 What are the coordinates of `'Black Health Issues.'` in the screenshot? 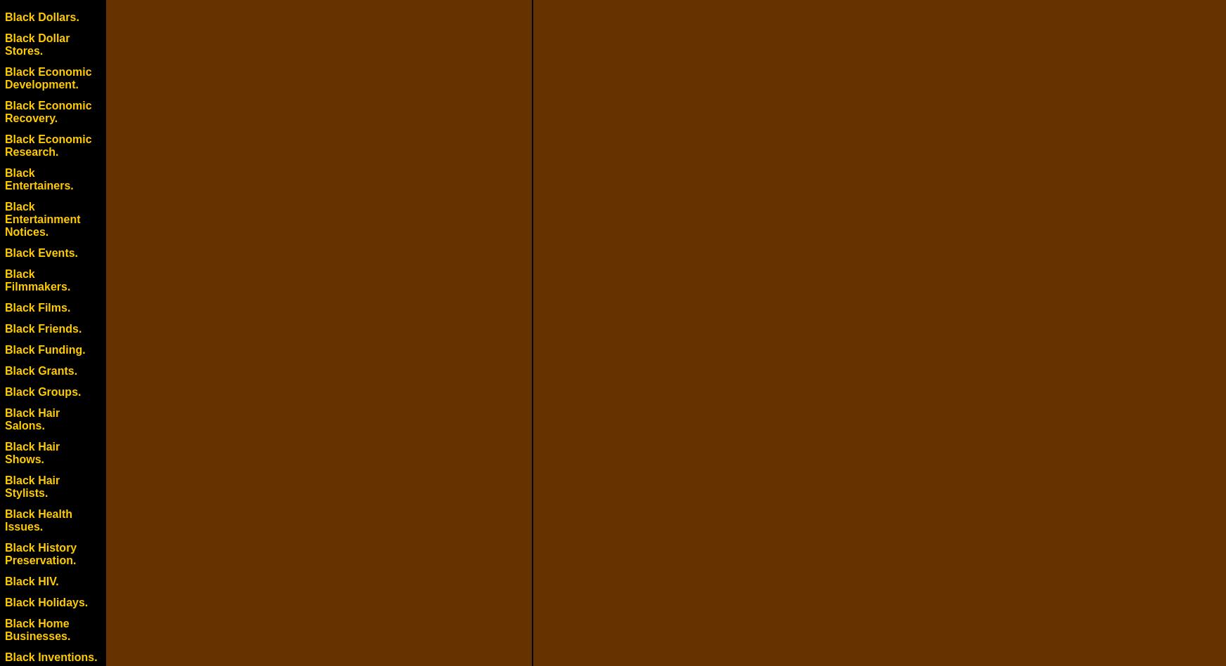 It's located at (37, 520).